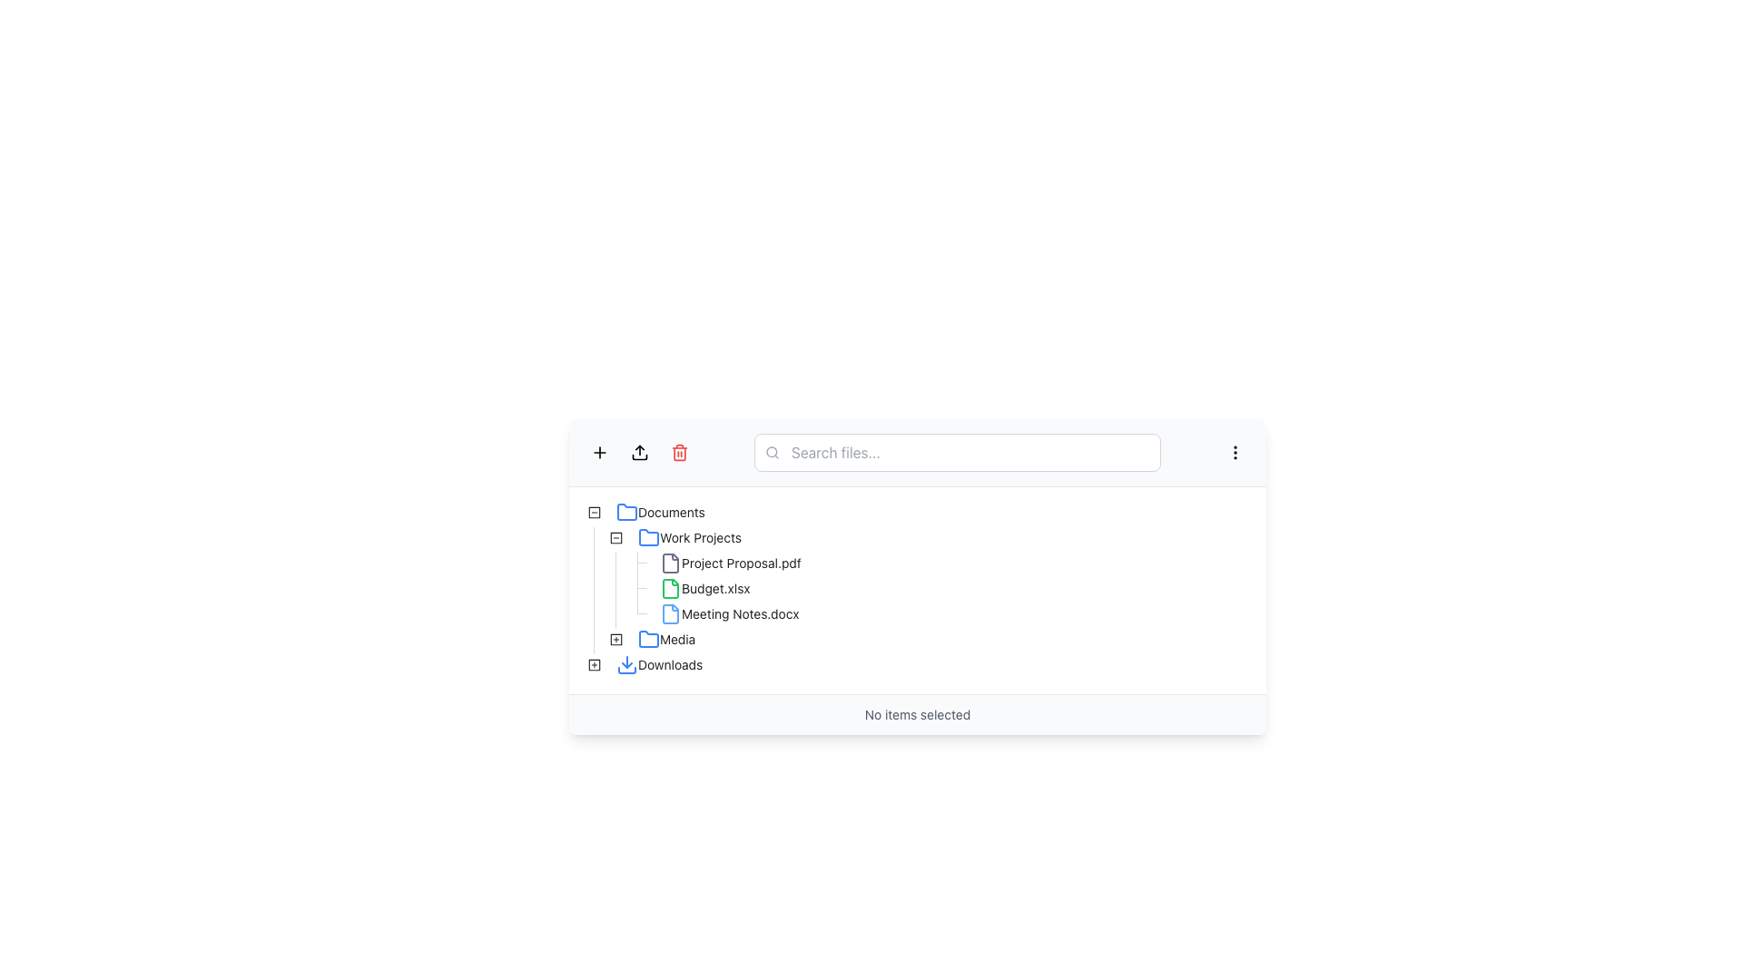 This screenshot has width=1743, height=980. What do you see at coordinates (688, 537) in the screenshot?
I see `the 'Work Projects' folder label` at bounding box center [688, 537].